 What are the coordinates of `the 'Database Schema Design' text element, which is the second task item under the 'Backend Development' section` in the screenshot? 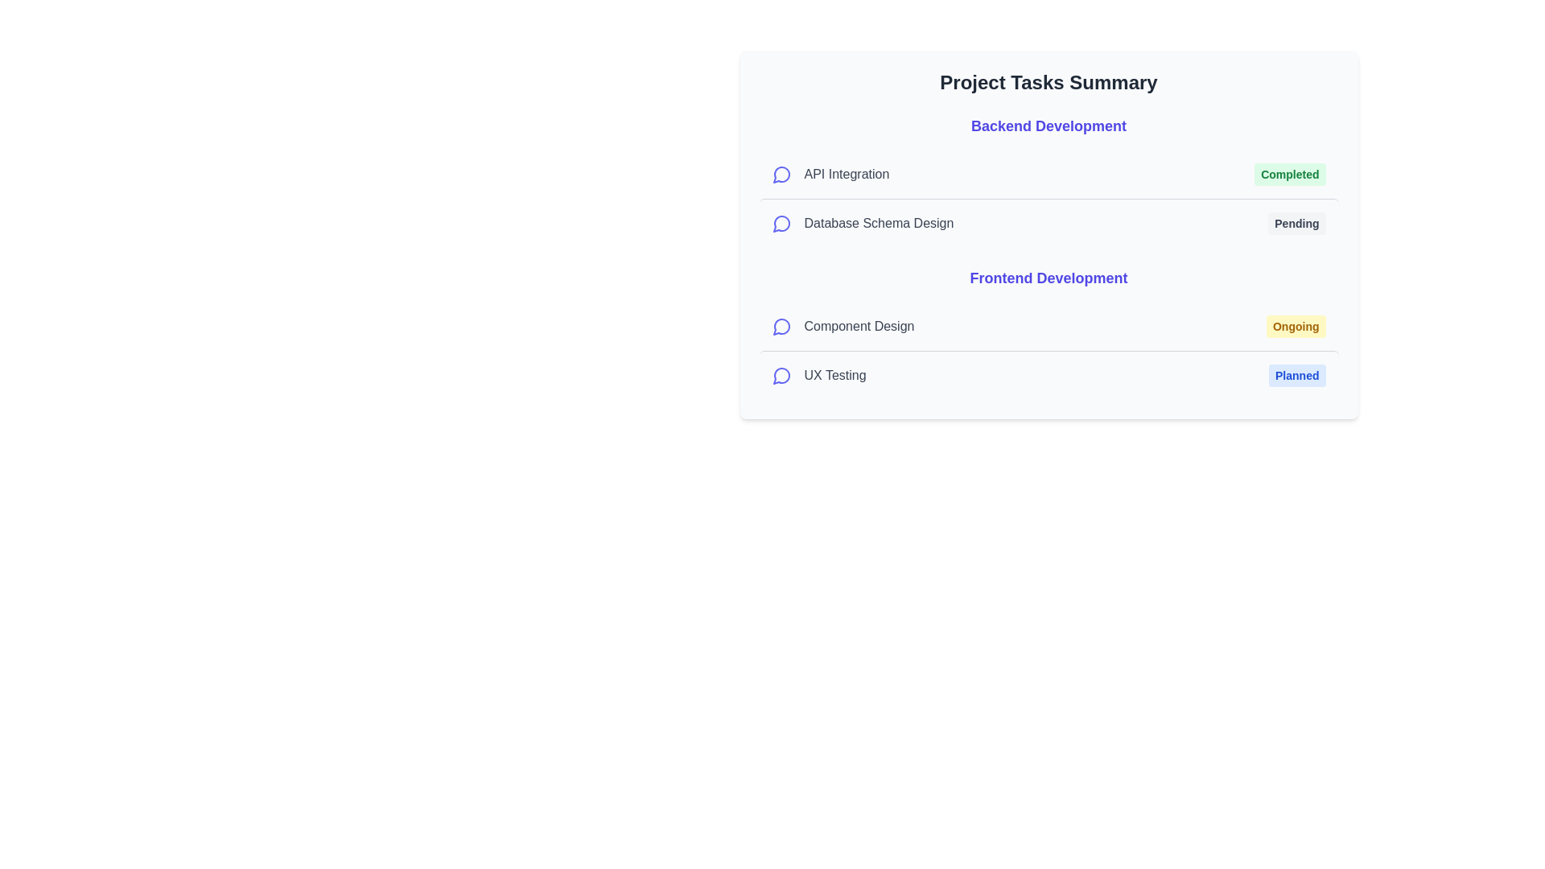 It's located at (861, 223).